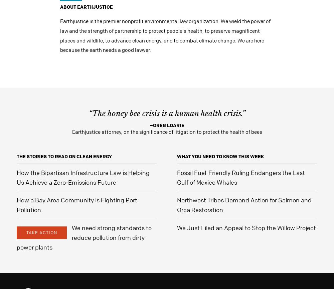 This screenshot has width=334, height=289. What do you see at coordinates (246, 227) in the screenshot?
I see `'We Just Filed an Appeal to Stop the Willow Project'` at bounding box center [246, 227].